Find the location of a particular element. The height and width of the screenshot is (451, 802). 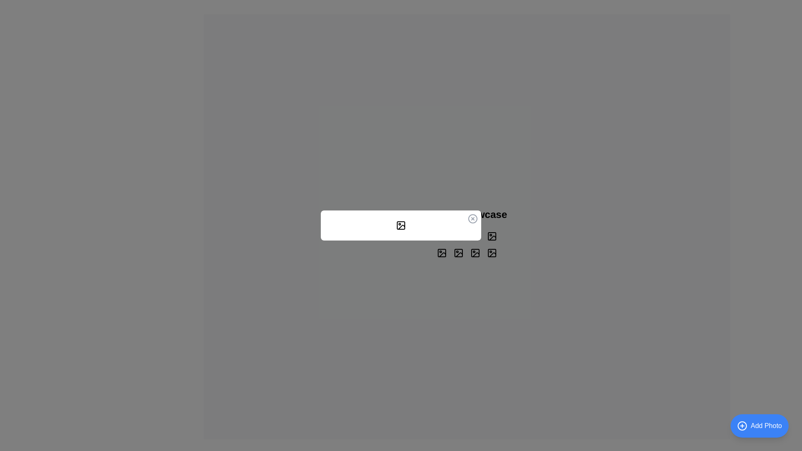

the zoom-in button located at the rightmost position of the horizontal toolbar is located at coordinates (441, 236).